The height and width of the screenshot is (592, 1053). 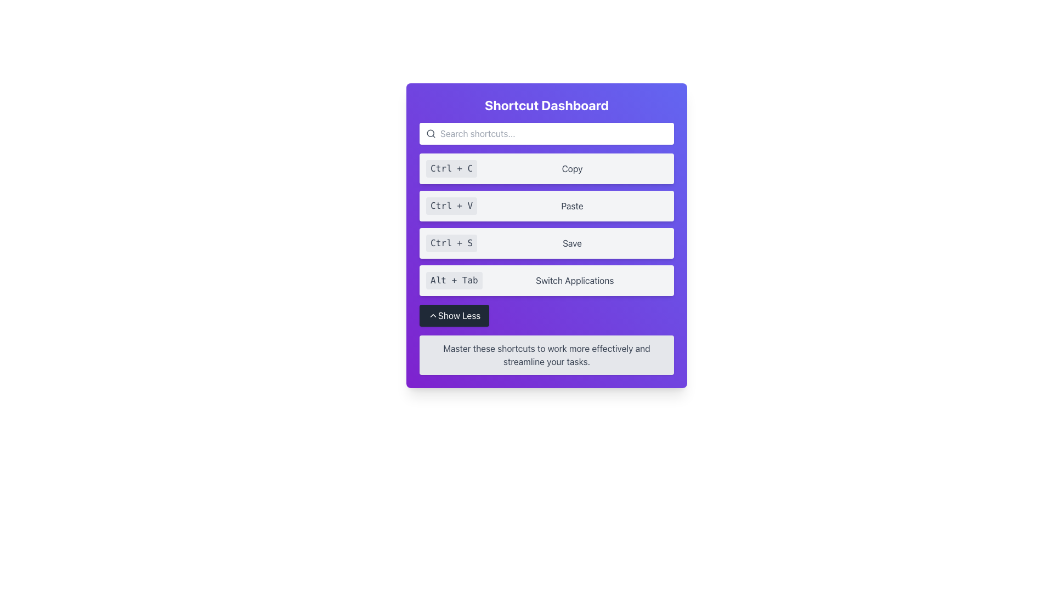 What do you see at coordinates (547, 242) in the screenshot?
I see `the informational component displaying the shortcut 'Ctrl + S' and its associated action 'Save', which is the third element in a vertically stacked list of similar elements` at bounding box center [547, 242].